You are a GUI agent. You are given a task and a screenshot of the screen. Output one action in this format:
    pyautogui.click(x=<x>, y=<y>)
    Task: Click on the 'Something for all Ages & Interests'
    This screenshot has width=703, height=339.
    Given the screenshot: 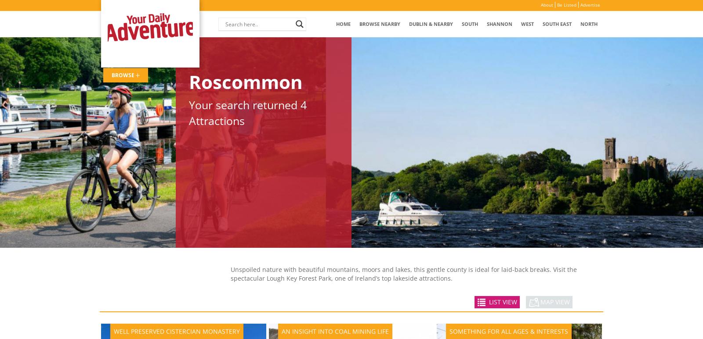 What is the action you would take?
    pyautogui.click(x=509, y=331)
    